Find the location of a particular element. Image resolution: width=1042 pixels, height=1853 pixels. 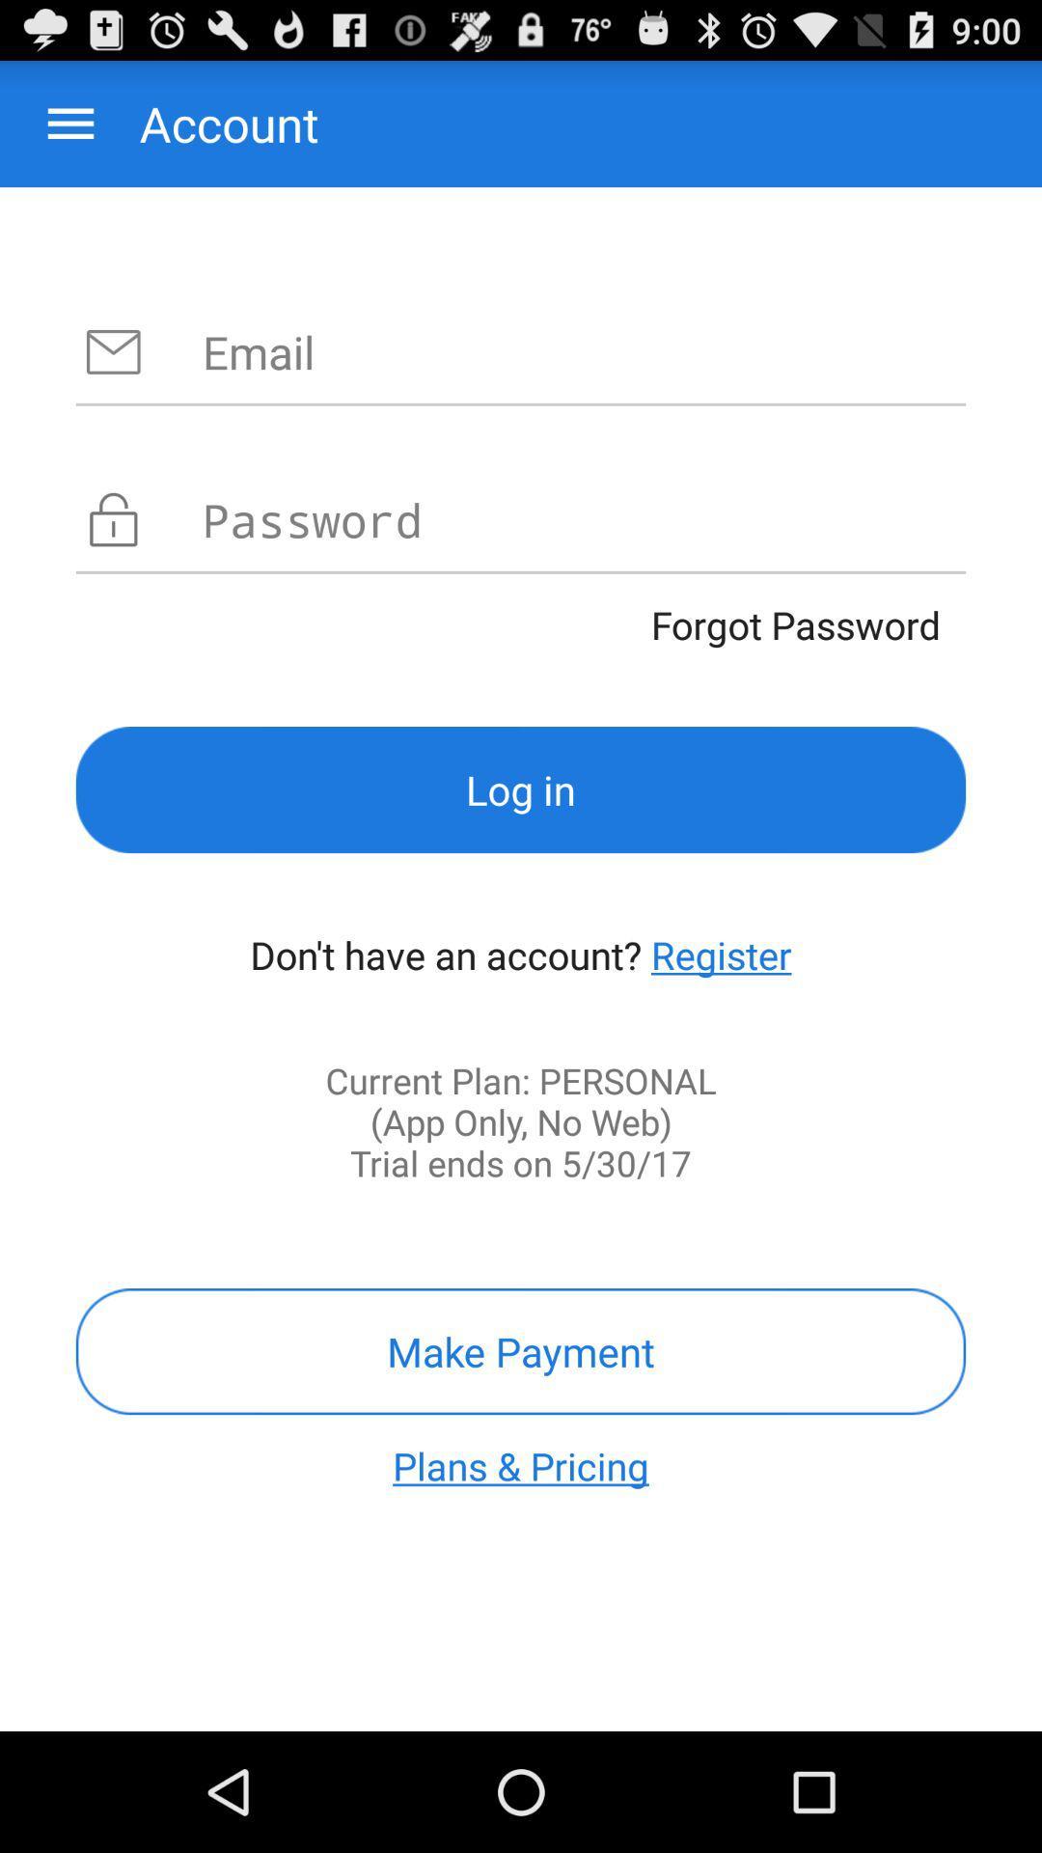

the item above the log in item is located at coordinates (521, 624).